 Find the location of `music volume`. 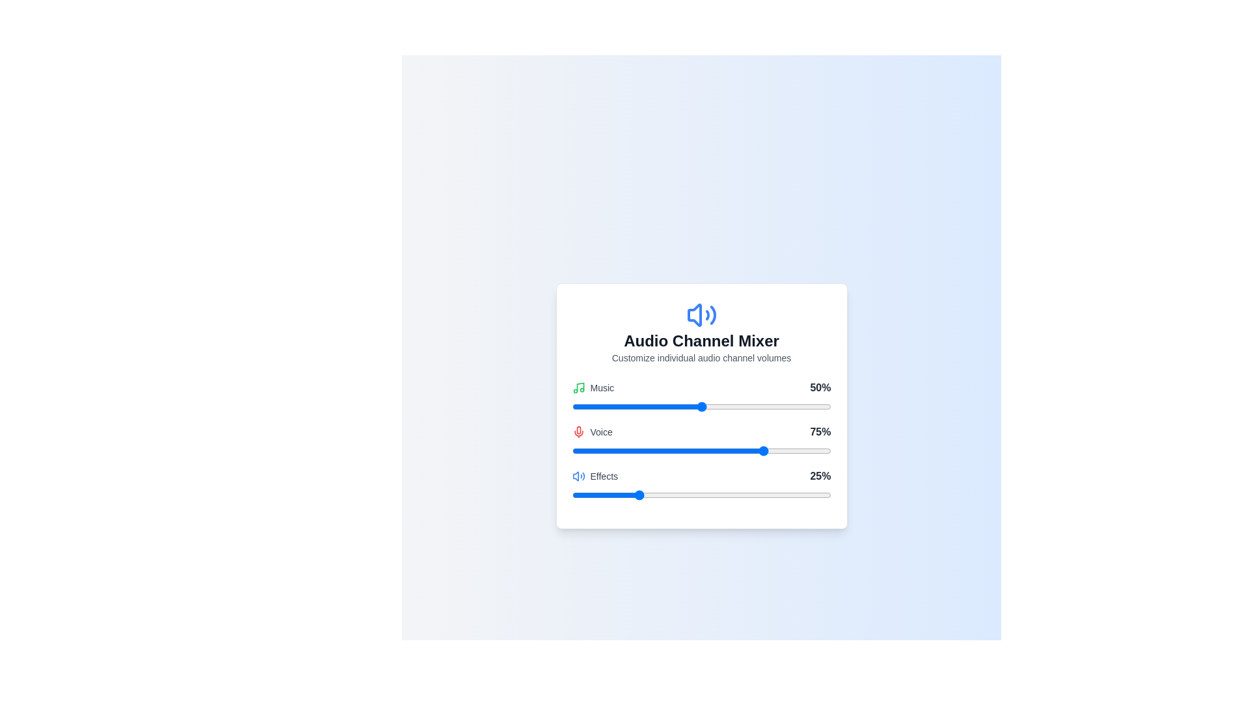

music volume is located at coordinates (759, 406).